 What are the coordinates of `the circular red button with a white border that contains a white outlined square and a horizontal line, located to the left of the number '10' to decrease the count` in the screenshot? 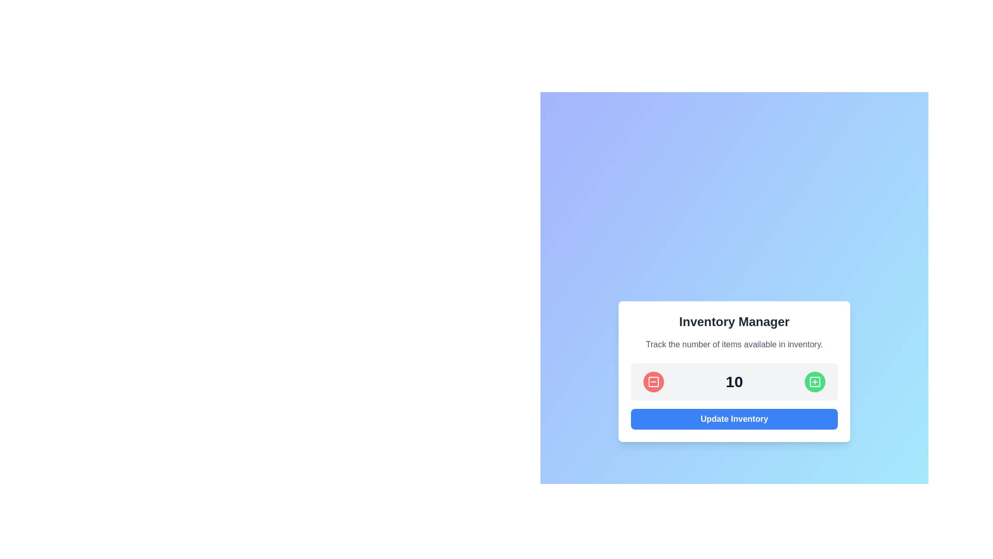 It's located at (653, 381).